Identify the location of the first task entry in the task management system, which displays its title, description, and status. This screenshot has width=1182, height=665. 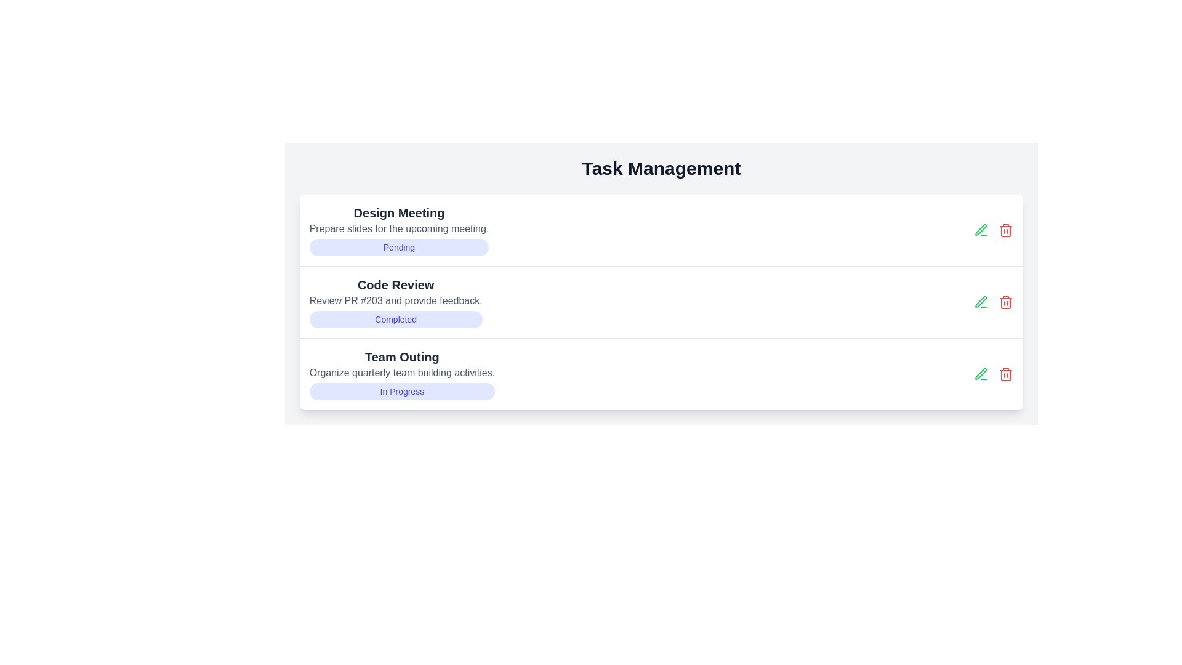
(399, 230).